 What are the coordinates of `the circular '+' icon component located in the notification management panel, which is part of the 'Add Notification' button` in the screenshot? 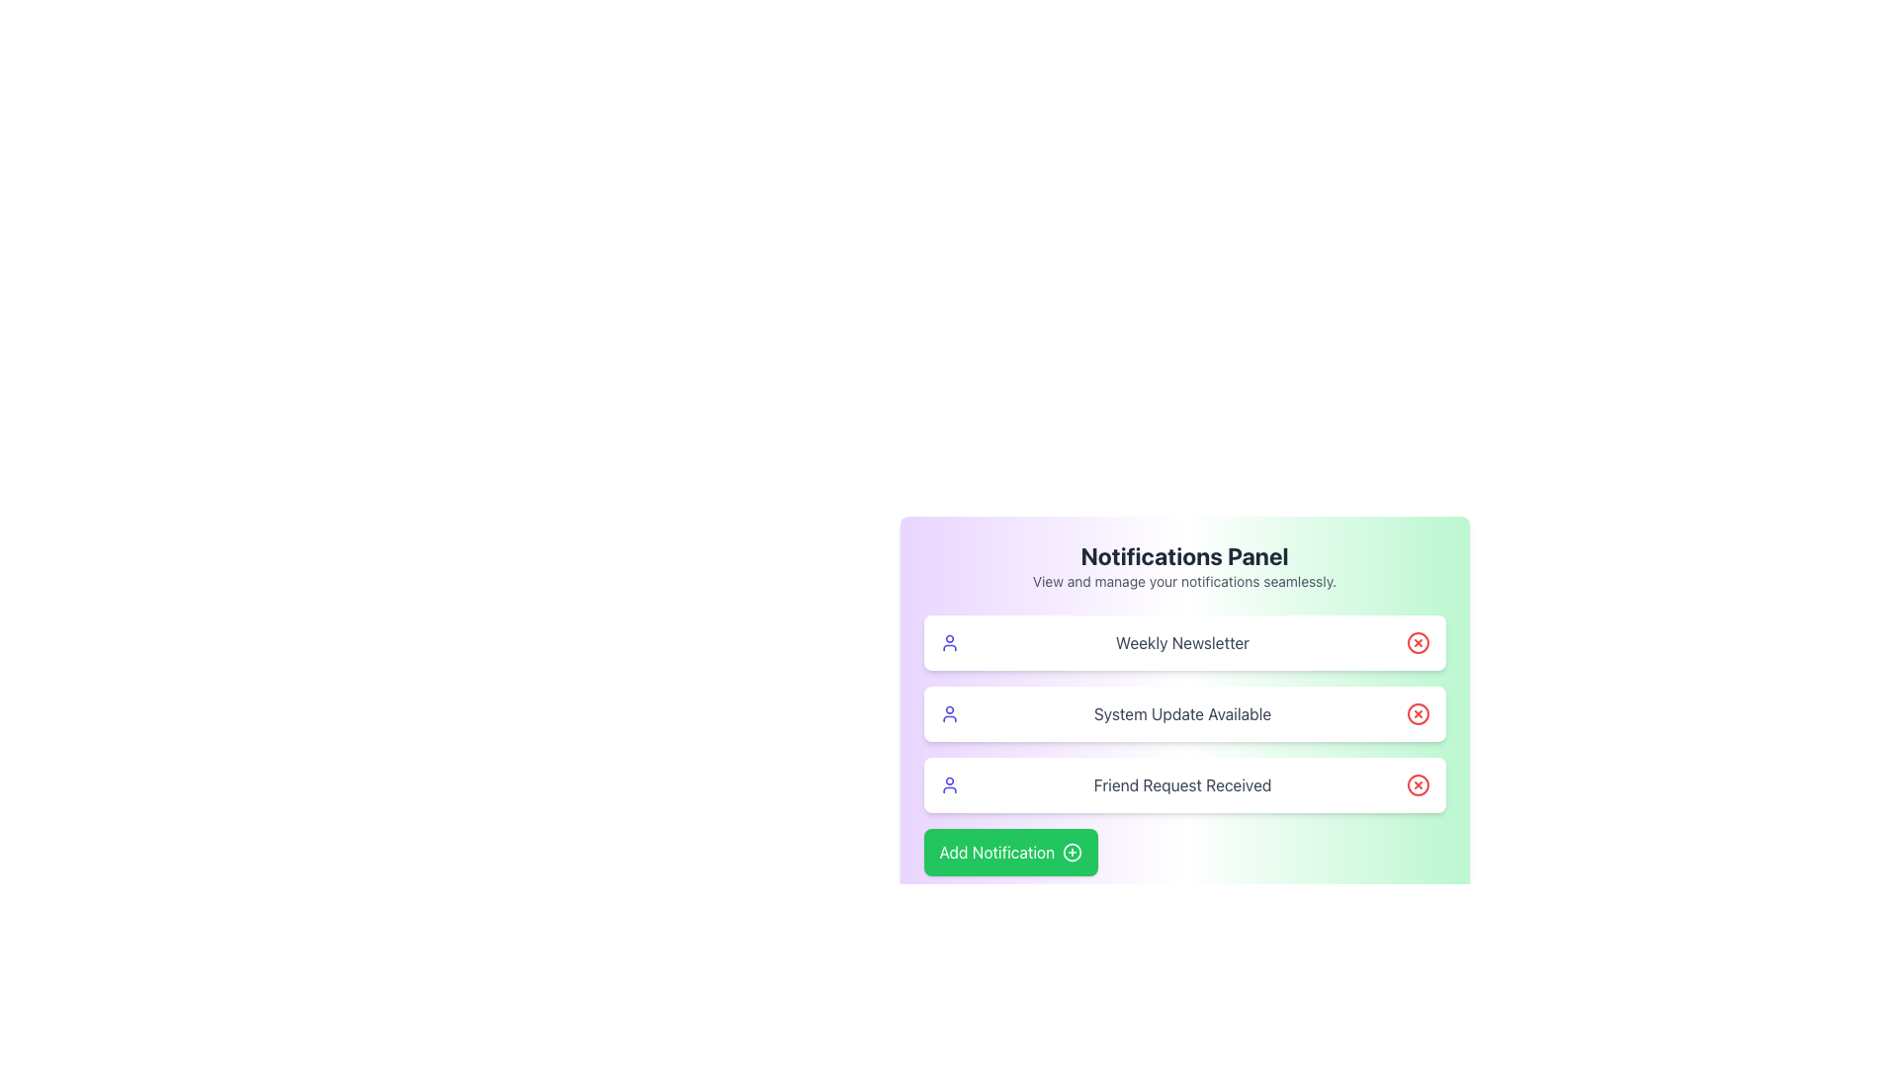 It's located at (1072, 852).